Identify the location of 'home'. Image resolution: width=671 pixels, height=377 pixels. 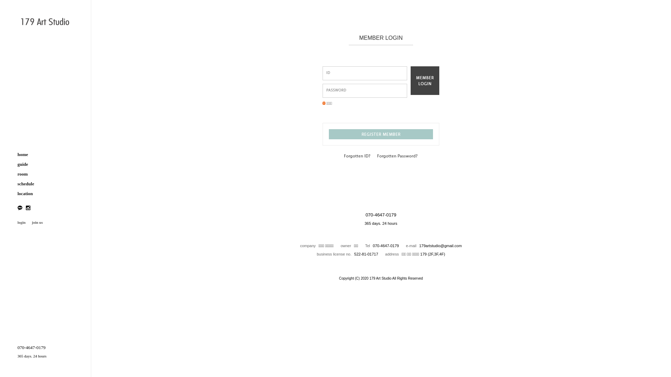
(17, 154).